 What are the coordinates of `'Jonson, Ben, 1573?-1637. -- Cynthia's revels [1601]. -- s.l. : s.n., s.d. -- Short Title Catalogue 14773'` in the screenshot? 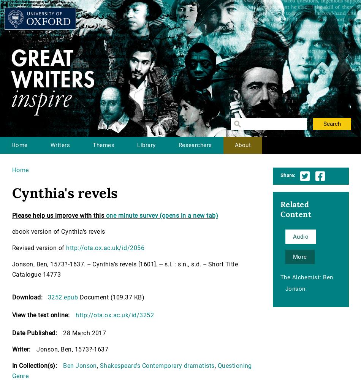 It's located at (12, 269).